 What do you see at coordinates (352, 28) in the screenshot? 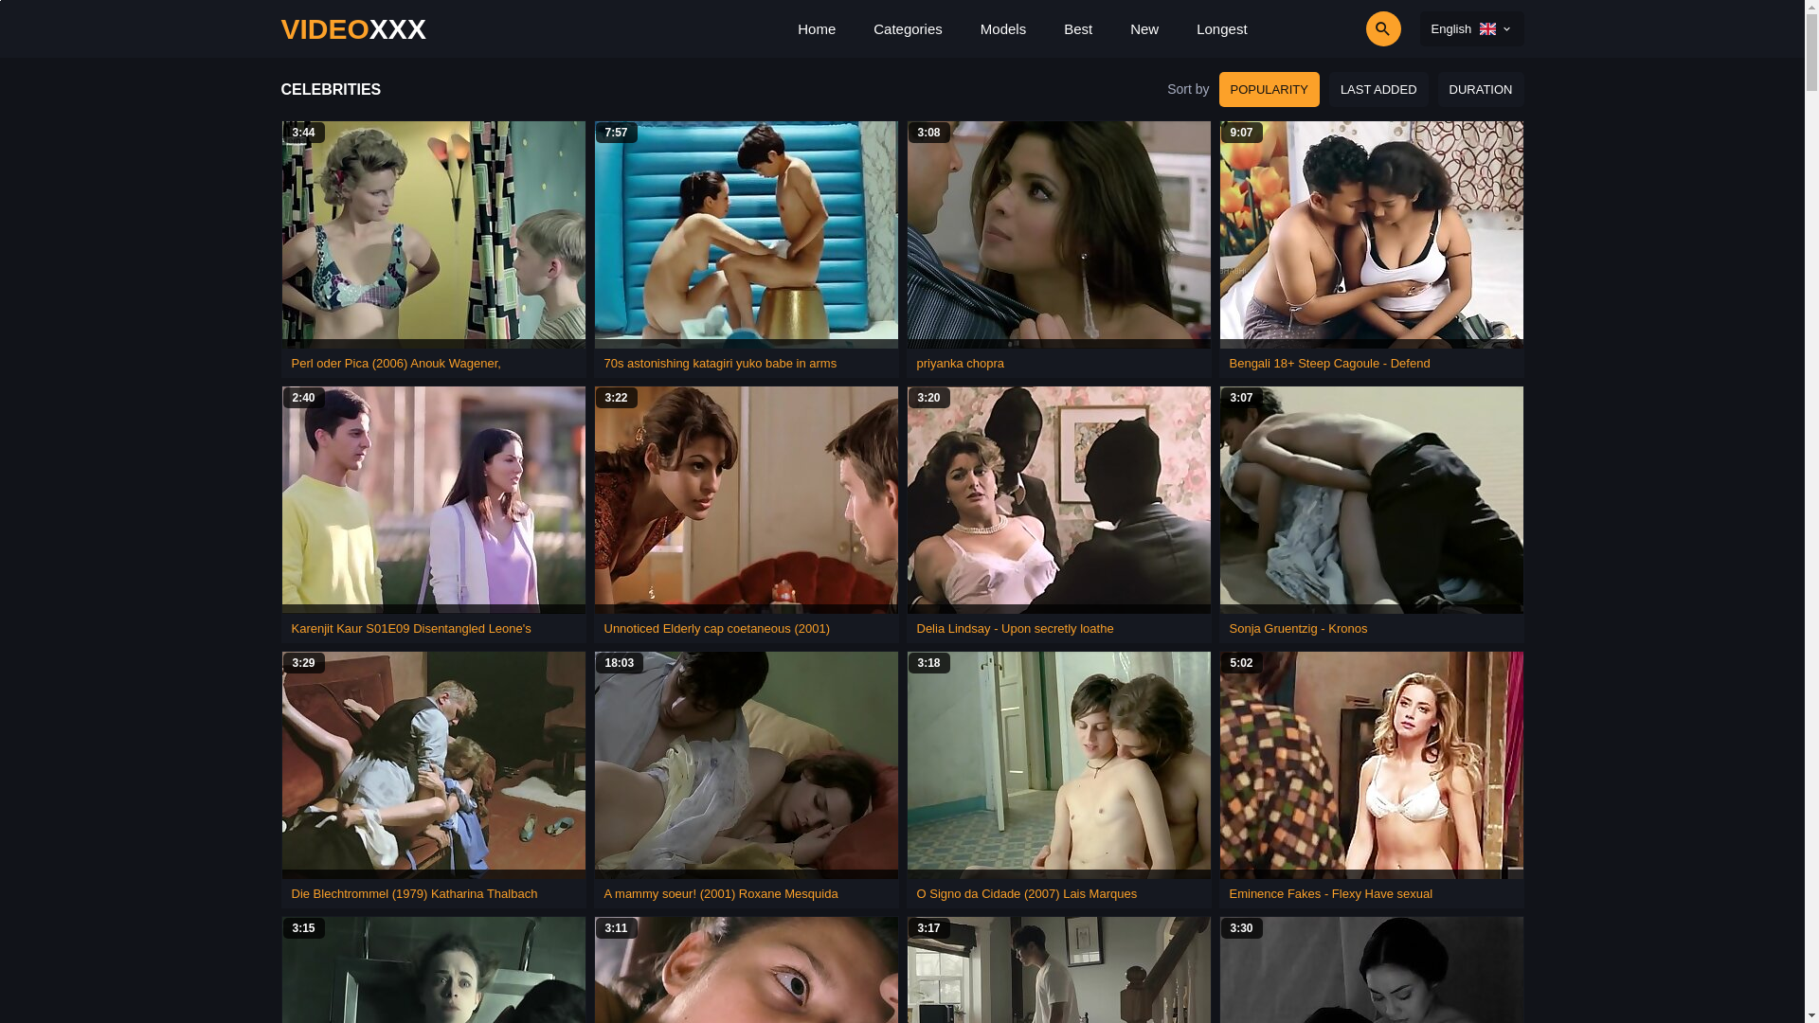
I see `'VIDEOXXX'` at bounding box center [352, 28].